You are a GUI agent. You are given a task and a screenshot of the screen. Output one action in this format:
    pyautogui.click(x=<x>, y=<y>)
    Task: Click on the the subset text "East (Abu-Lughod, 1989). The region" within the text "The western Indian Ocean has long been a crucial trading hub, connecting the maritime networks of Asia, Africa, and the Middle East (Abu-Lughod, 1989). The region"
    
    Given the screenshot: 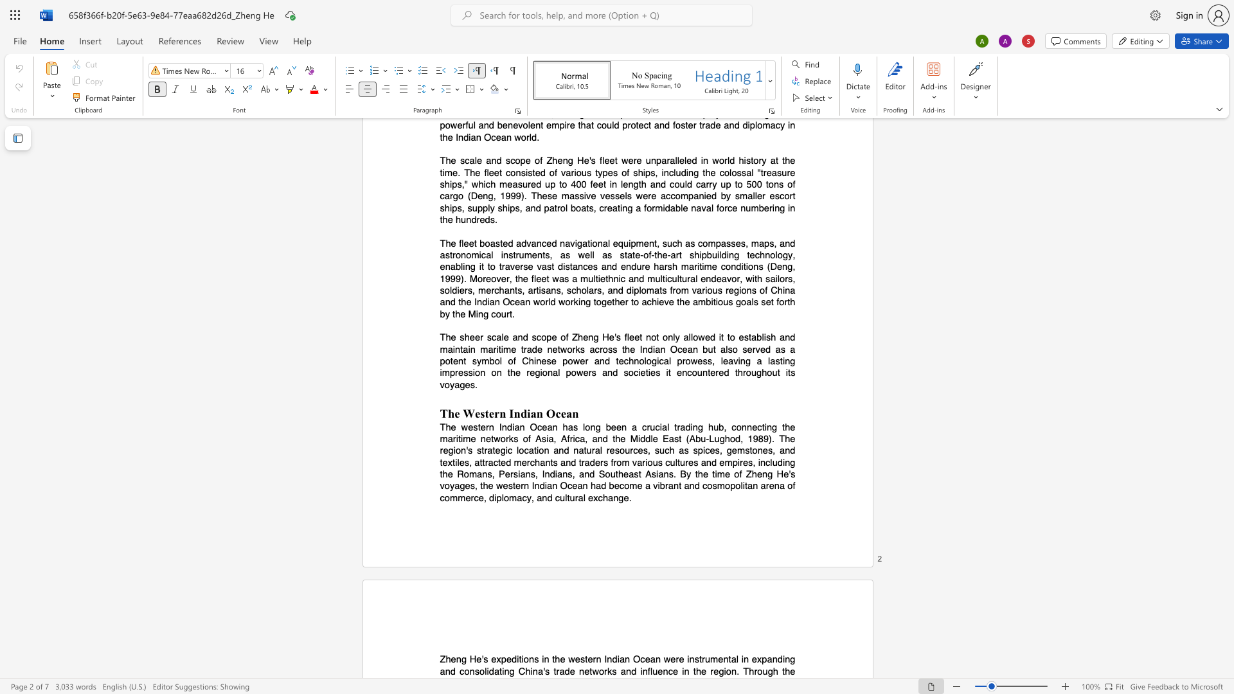 What is the action you would take?
    pyautogui.click(x=663, y=438)
    